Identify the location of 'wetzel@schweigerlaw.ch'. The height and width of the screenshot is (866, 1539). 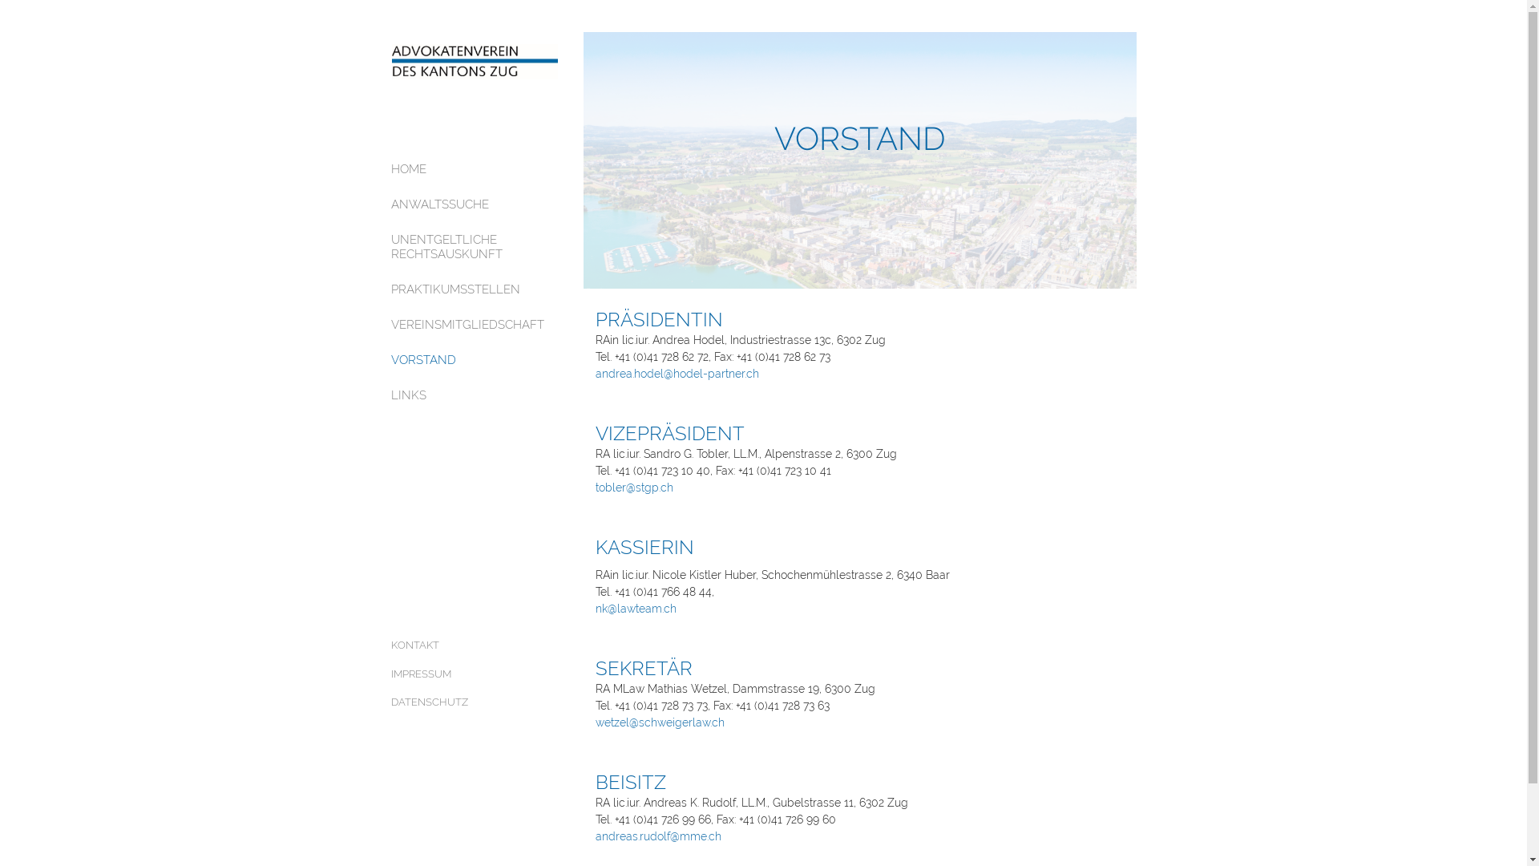
(594, 722).